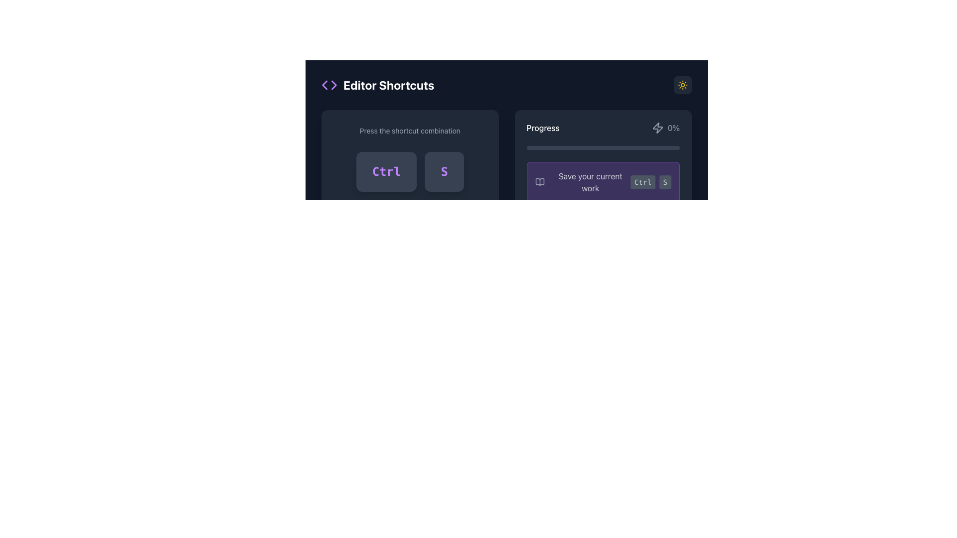 This screenshot has height=538, width=957. What do you see at coordinates (603, 182) in the screenshot?
I see `the 'Ctrl' button on the shortcut panel, which is the first entry displaying the key binding information` at bounding box center [603, 182].